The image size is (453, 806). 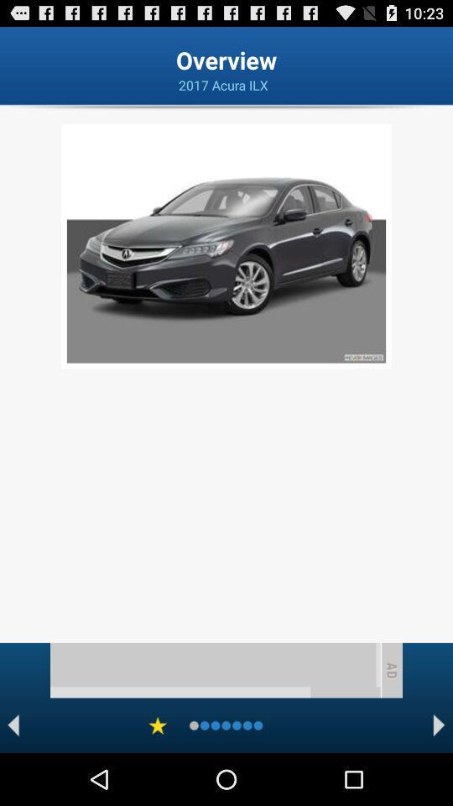 I want to click on click the star, so click(x=158, y=725).